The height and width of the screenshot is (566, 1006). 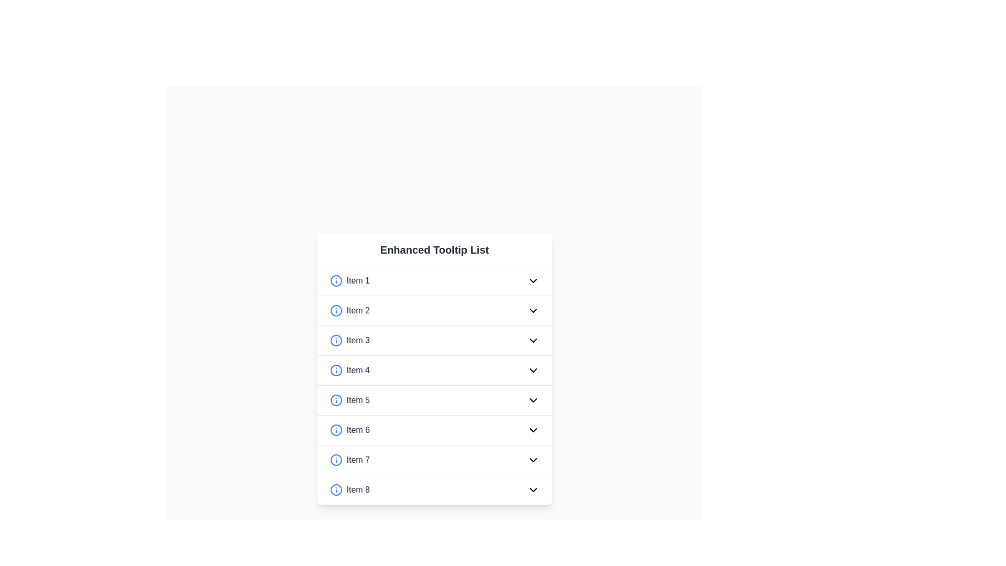 What do you see at coordinates (349, 489) in the screenshot?
I see `the 'Item 8' in the 'Enhanced Tooltip List' card component, which is positioned at the bottom of the list and directly below 'Item 7'` at bounding box center [349, 489].